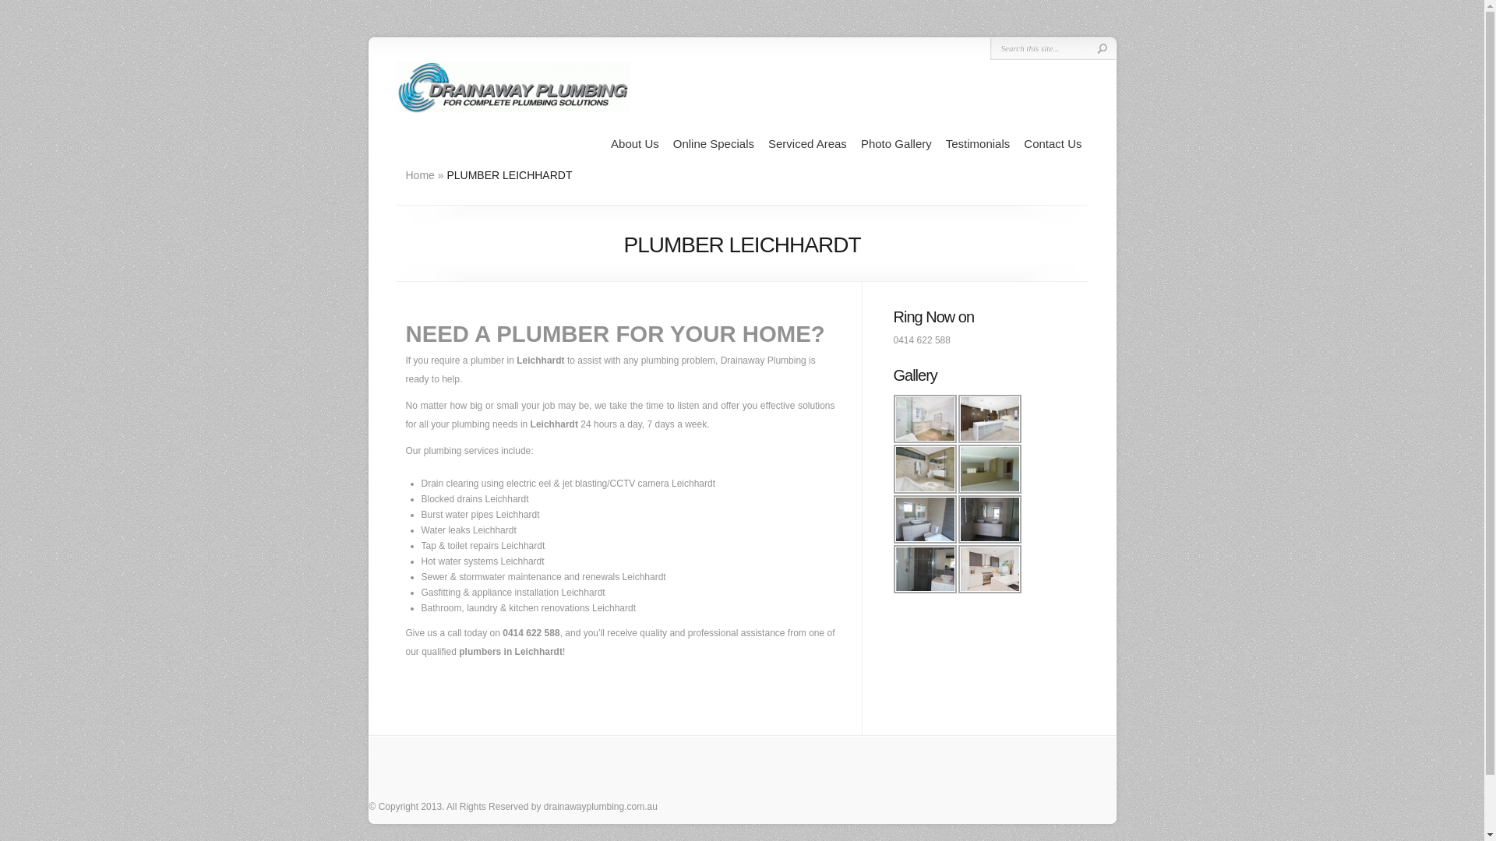 This screenshot has width=1496, height=841. What do you see at coordinates (924, 569) in the screenshot?
I see `'picture-239'` at bounding box center [924, 569].